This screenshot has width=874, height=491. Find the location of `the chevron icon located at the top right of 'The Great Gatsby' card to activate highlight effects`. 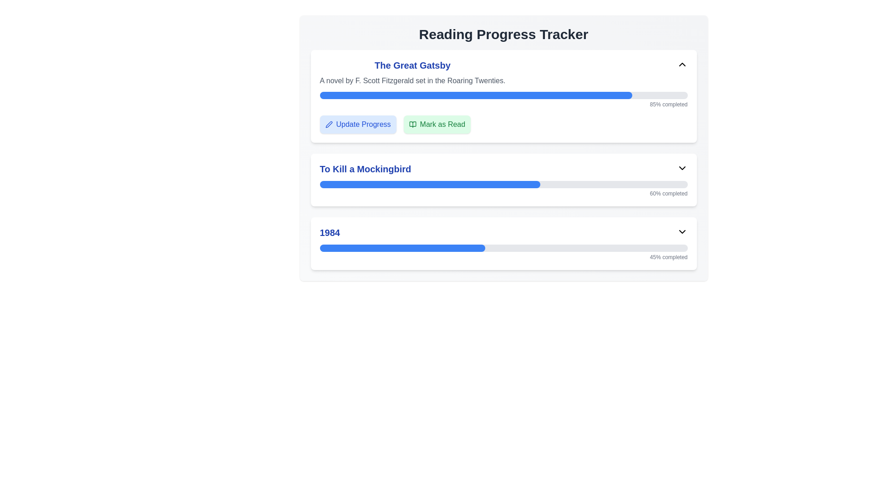

the chevron icon located at the top right of 'The Great Gatsby' card to activate highlight effects is located at coordinates (682, 64).